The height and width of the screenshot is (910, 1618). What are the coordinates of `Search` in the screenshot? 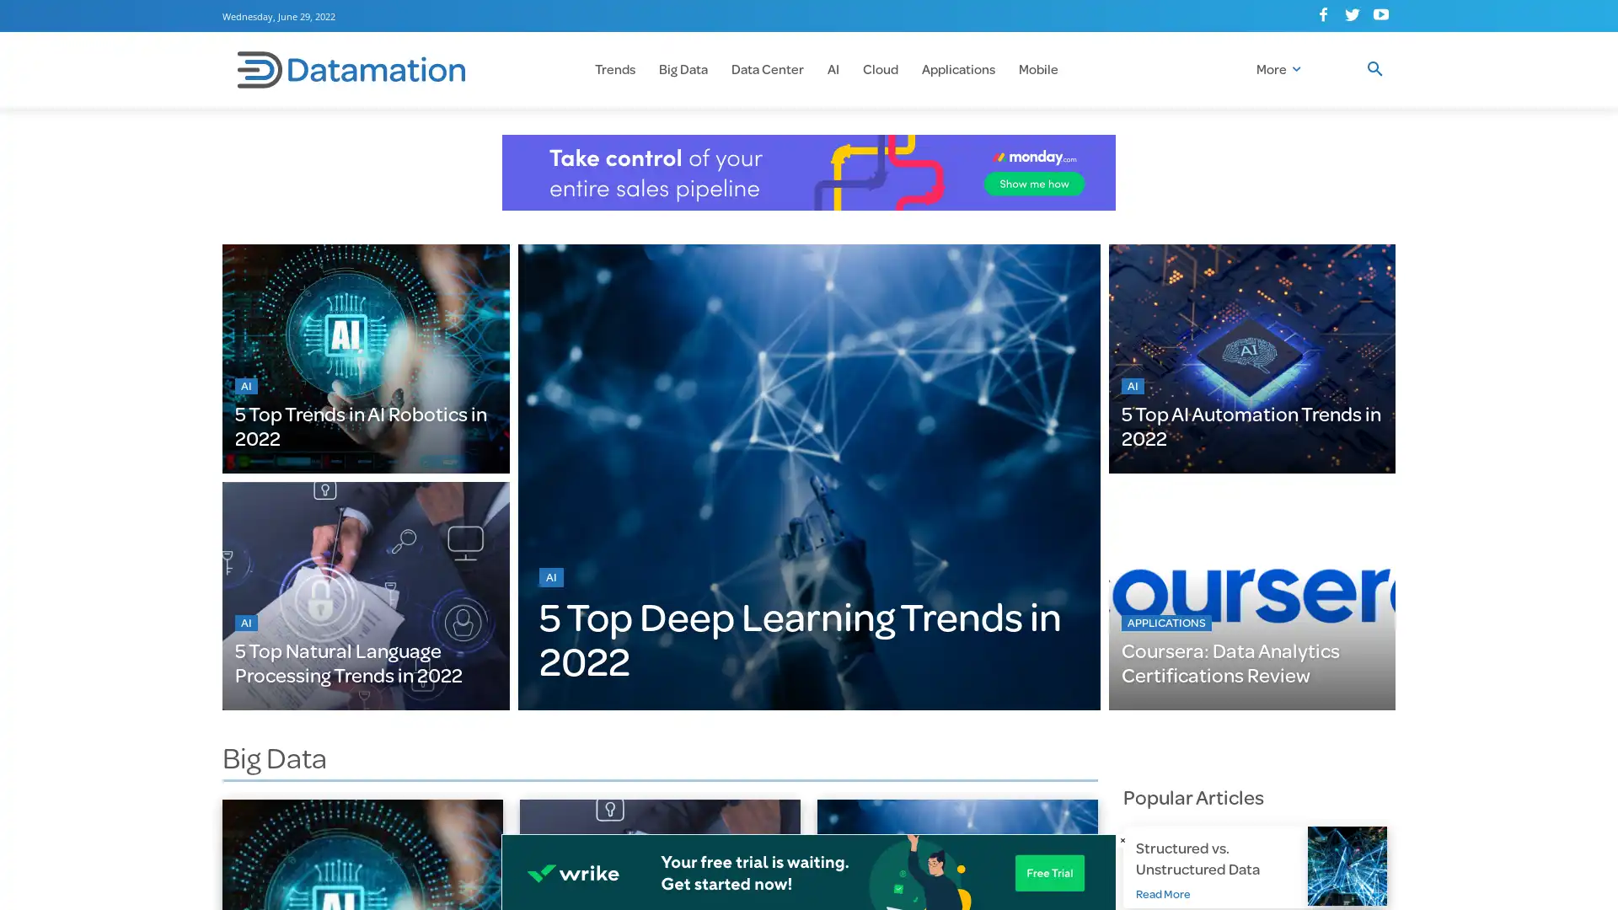 It's located at (1374, 69).